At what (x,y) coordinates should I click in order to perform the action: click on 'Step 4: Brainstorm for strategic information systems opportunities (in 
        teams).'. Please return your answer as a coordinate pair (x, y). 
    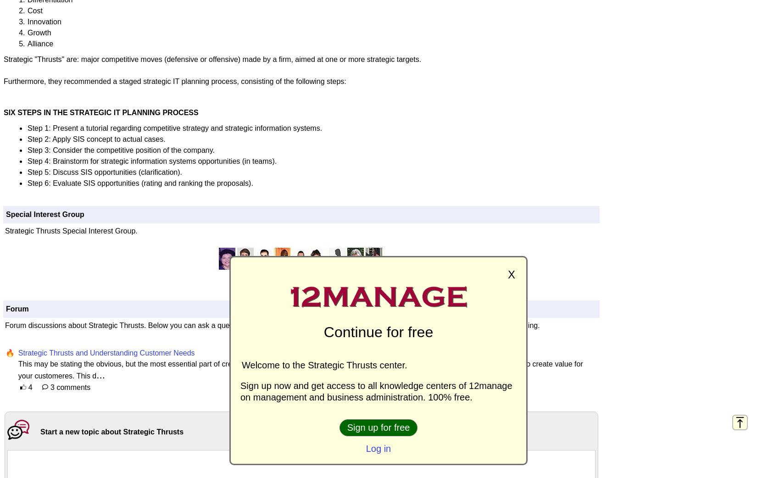
    Looking at the image, I should click on (28, 160).